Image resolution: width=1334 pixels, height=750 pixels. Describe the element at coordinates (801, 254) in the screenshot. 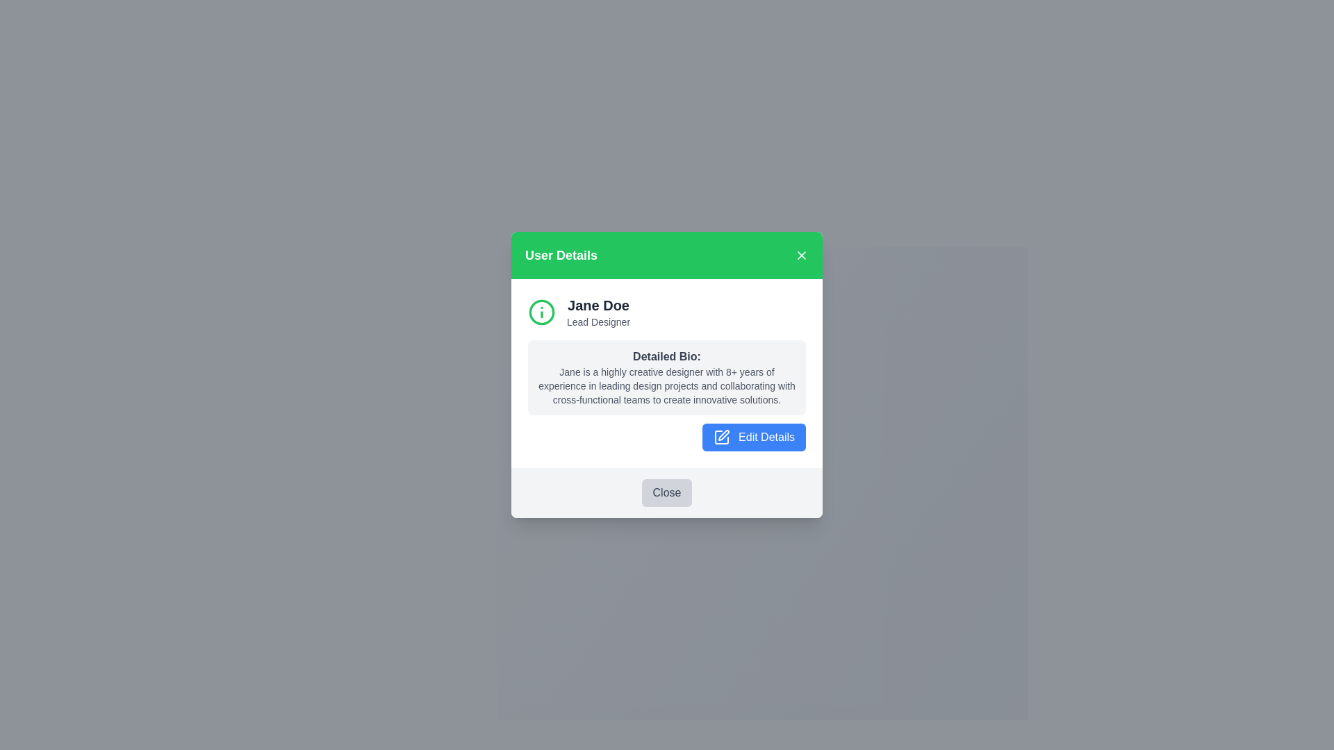

I see `the close icon located in the top-right corner of the green header of the 'User Details' modal dialog` at that location.